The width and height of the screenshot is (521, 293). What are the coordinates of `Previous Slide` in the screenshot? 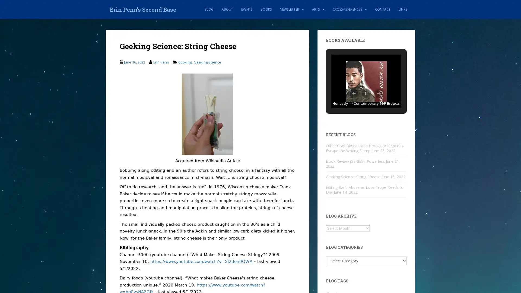 It's located at (354, 93).